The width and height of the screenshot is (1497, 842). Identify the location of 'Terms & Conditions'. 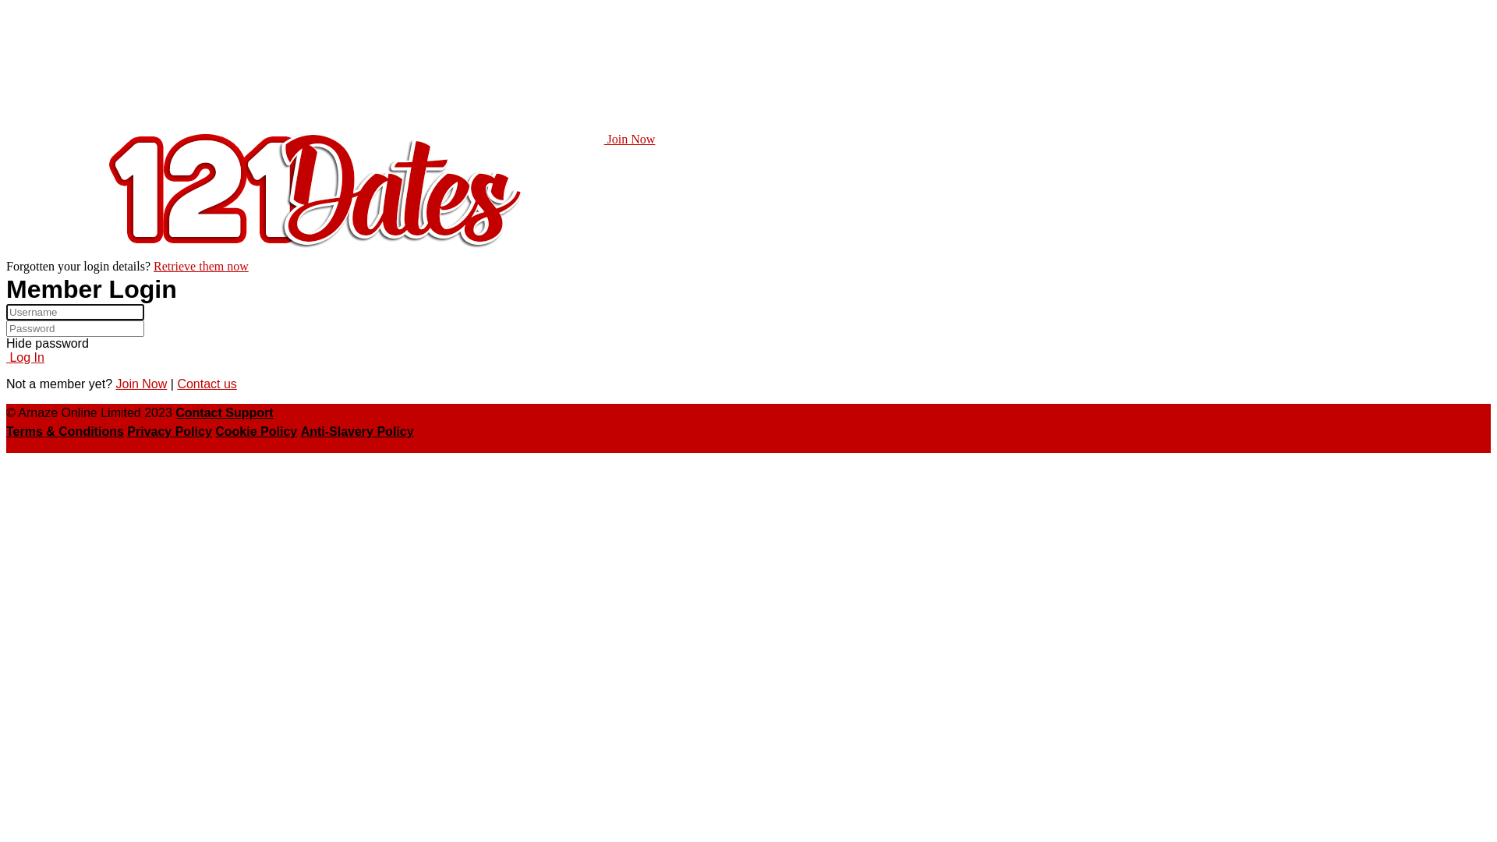
(6, 431).